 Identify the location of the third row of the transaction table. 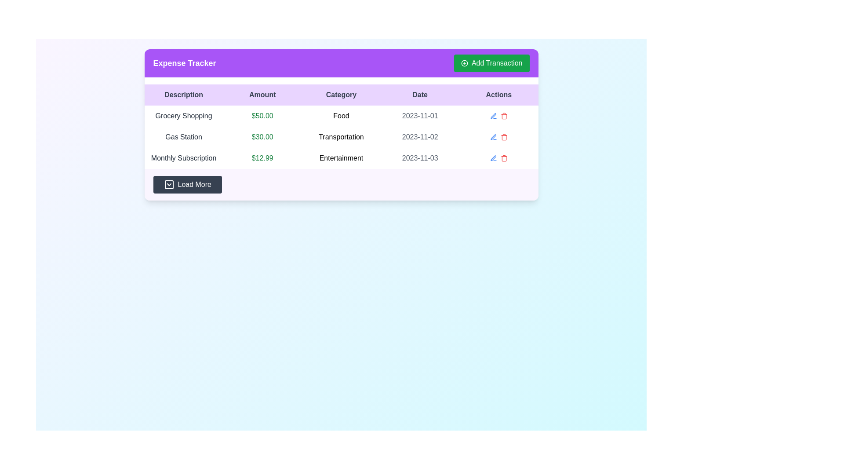
(341, 157).